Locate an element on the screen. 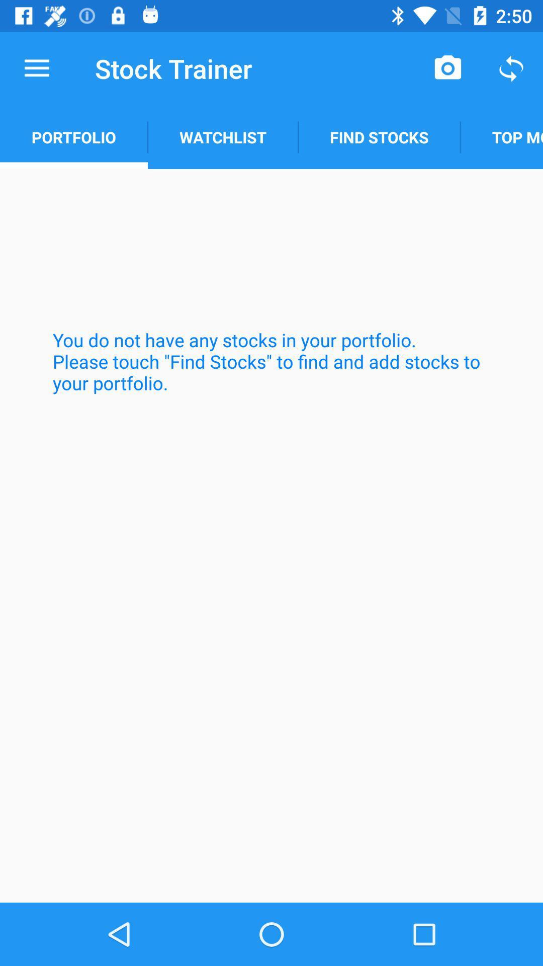 The width and height of the screenshot is (543, 966). item to the right of portfolio is located at coordinates (222, 137).